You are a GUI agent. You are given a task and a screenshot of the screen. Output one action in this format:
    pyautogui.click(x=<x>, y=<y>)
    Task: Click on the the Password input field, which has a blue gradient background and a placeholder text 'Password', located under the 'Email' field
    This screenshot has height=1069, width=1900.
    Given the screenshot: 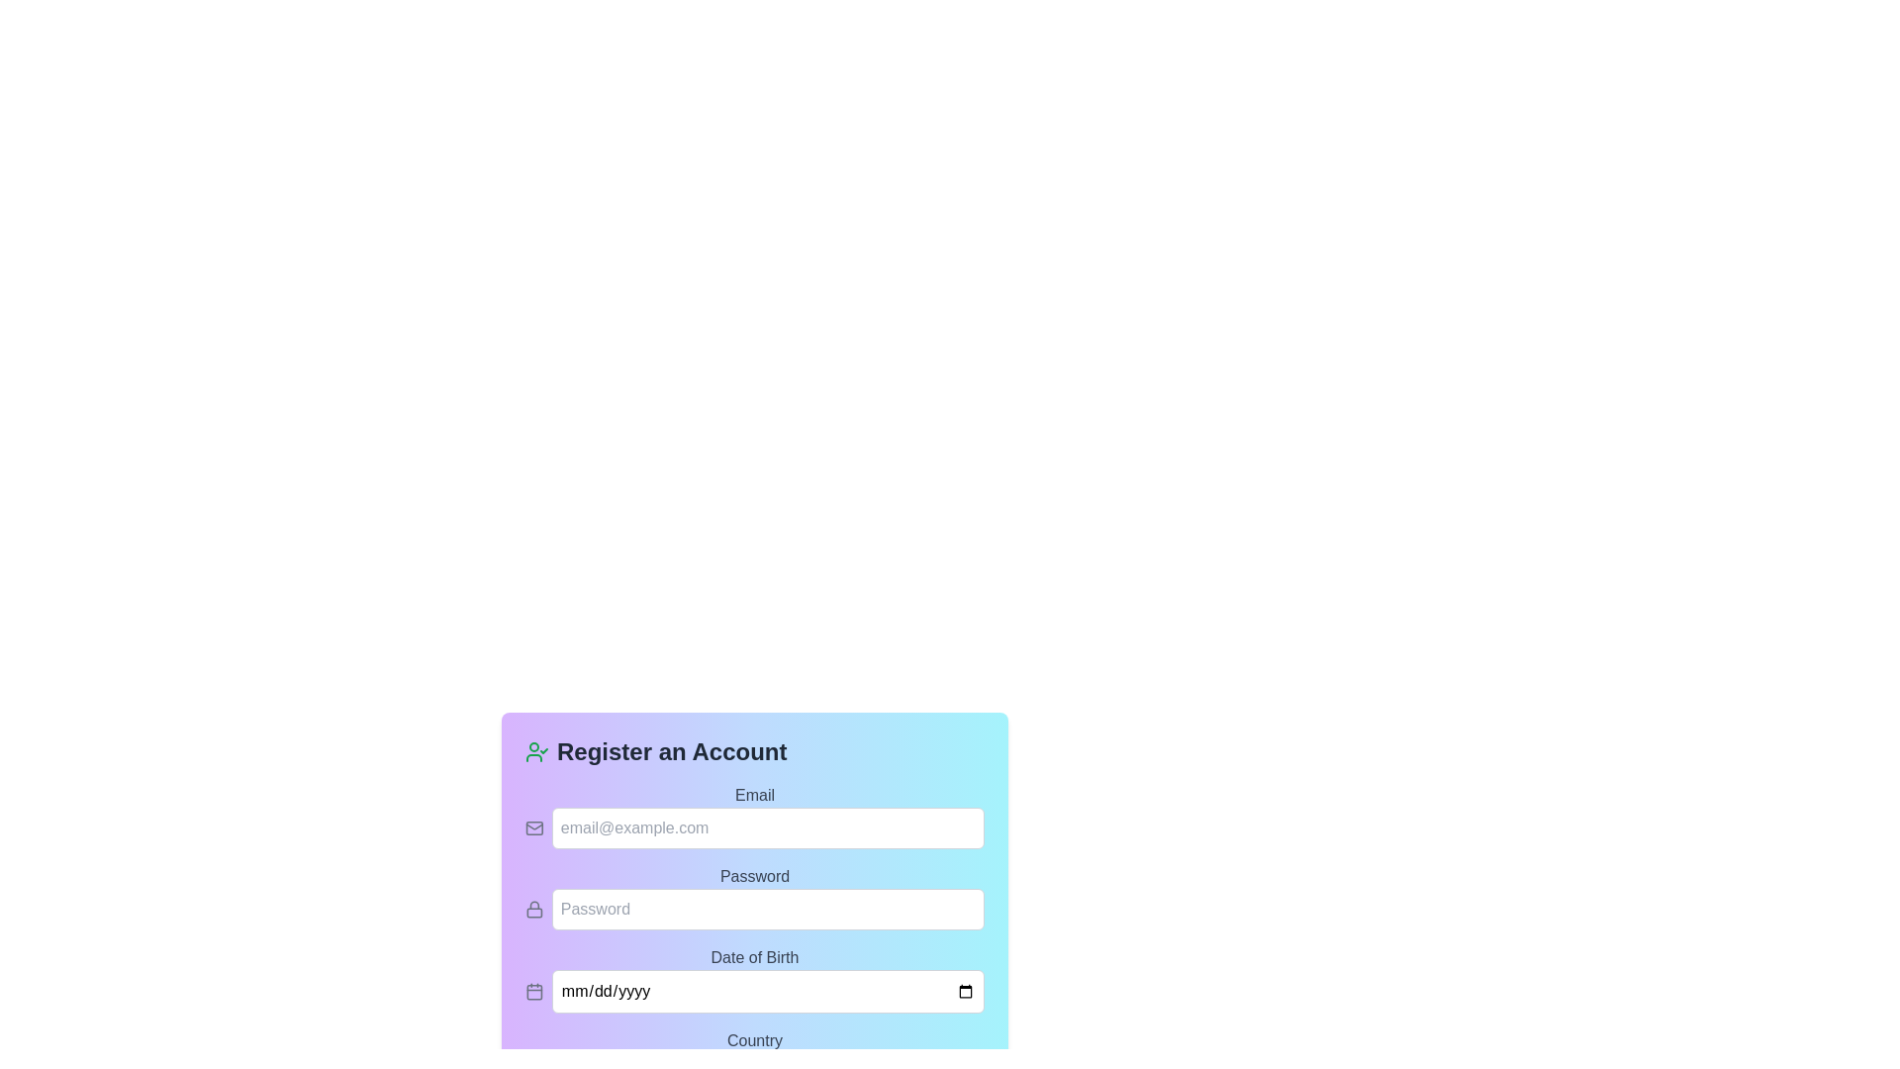 What is the action you would take?
    pyautogui.click(x=754, y=868)
    